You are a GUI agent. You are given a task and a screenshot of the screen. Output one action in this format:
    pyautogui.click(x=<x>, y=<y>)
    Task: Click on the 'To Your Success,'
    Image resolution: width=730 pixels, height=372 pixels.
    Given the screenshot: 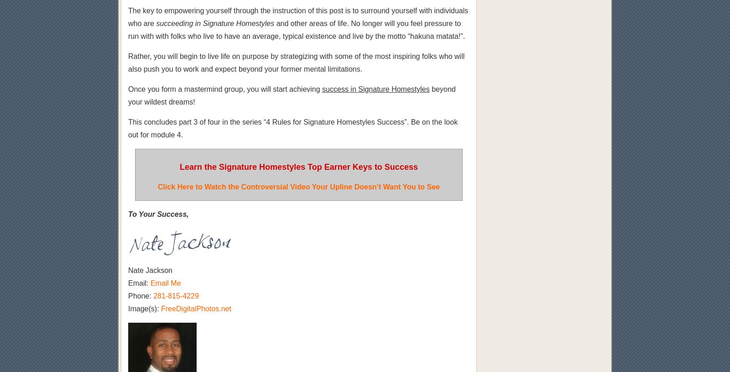 What is the action you would take?
    pyautogui.click(x=158, y=214)
    